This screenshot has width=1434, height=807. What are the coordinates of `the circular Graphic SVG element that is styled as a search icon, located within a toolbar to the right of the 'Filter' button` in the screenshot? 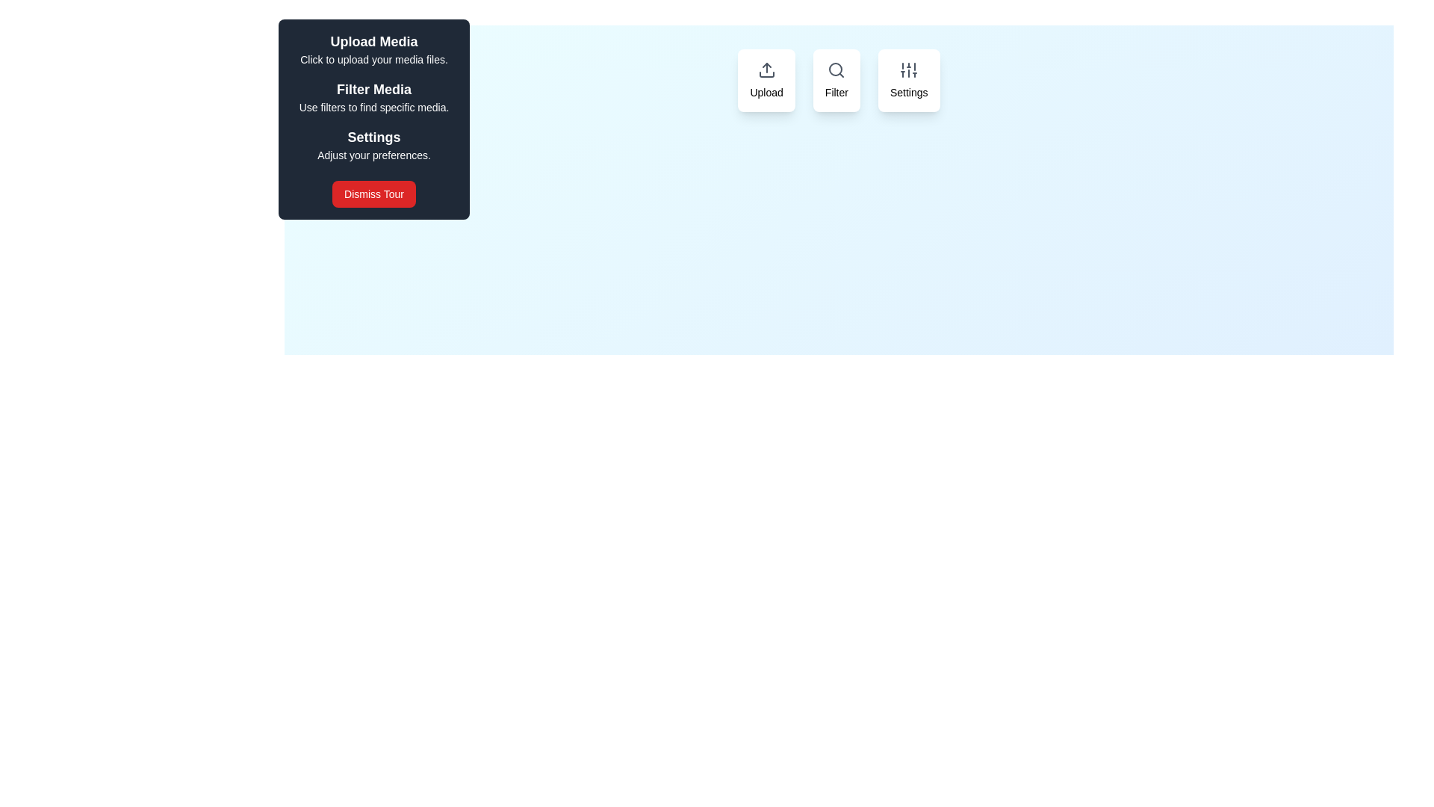 It's located at (835, 69).